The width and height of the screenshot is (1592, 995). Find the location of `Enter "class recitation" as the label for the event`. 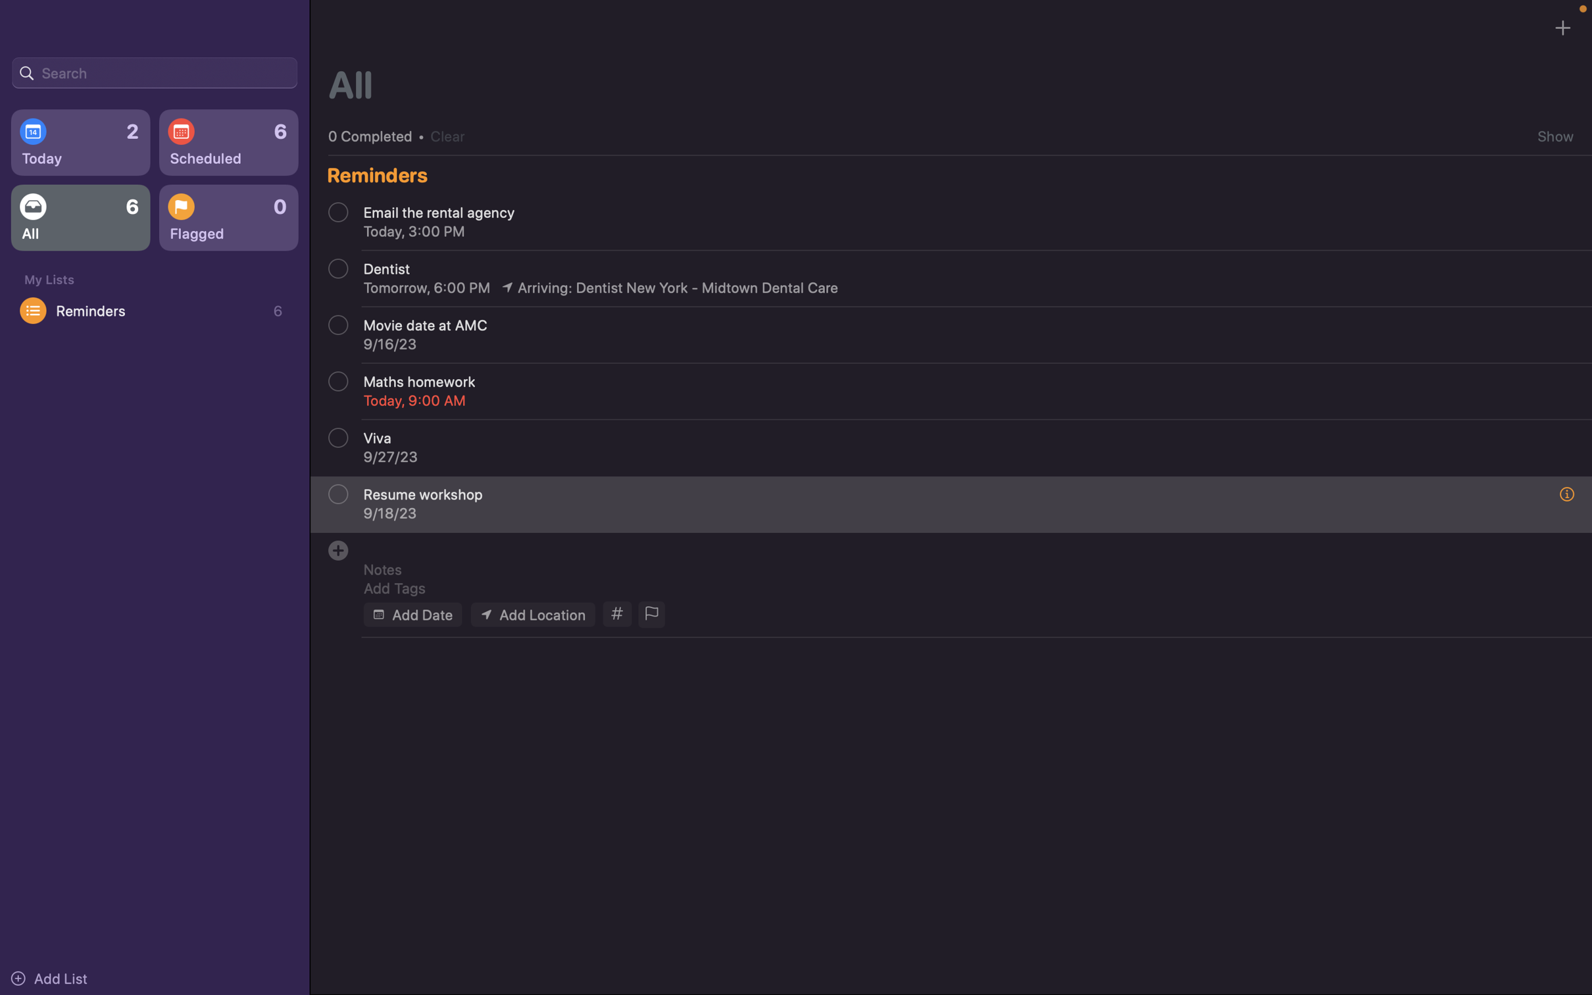

Enter "class recitation" as the label for the event is located at coordinates (958, 546).